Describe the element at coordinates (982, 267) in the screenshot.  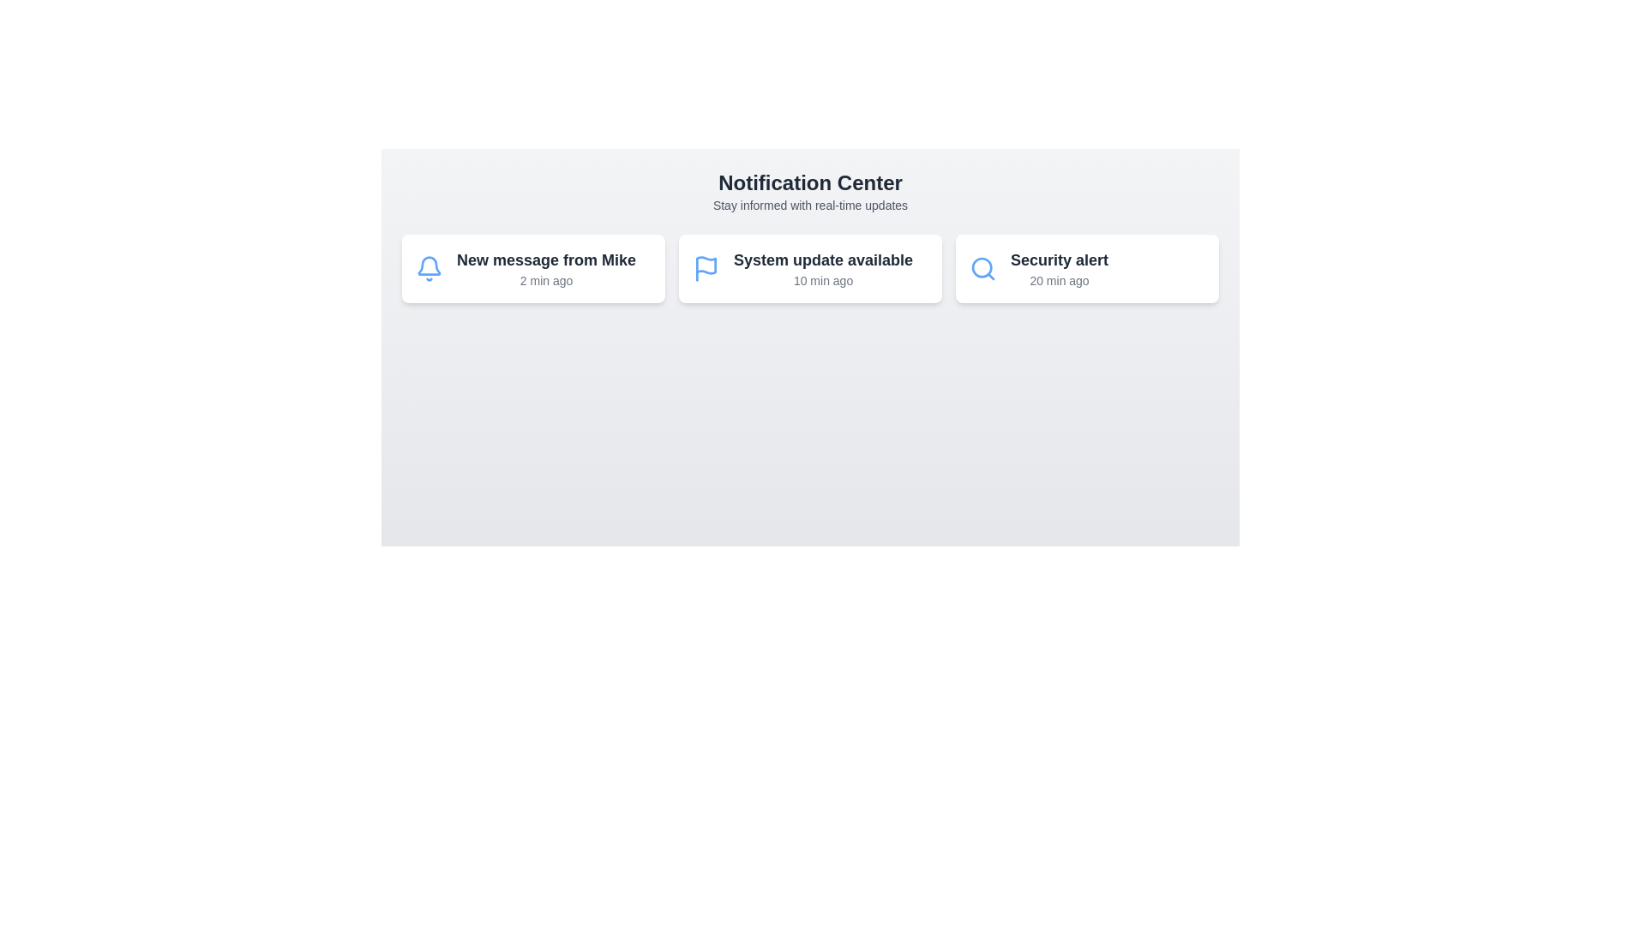
I see `the small decorative SVG circle element that represents a search function, part of the magnifying glass illustration located in the third notification box titled 'Security alert'` at that location.